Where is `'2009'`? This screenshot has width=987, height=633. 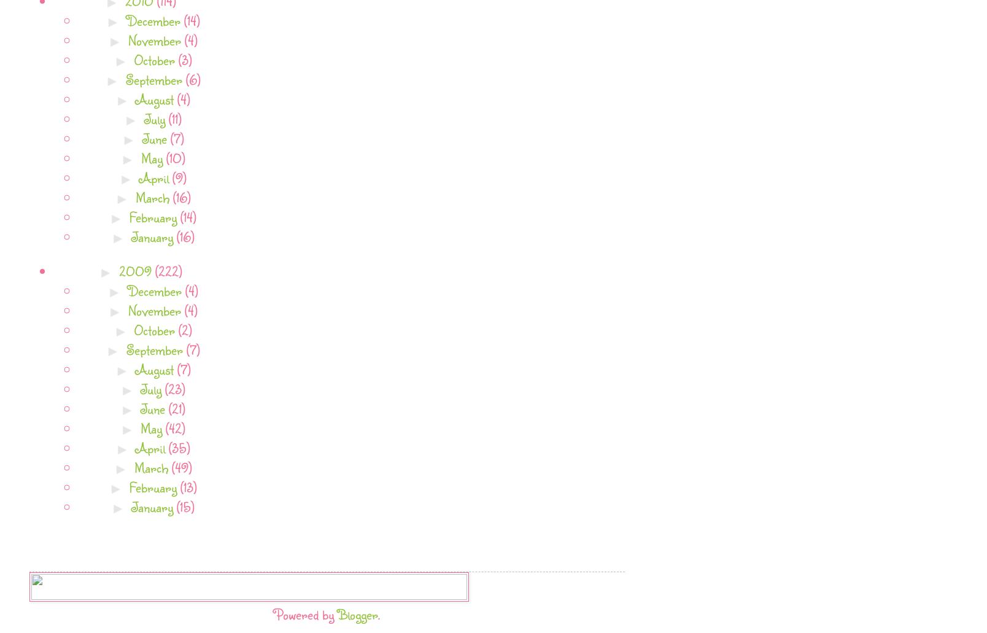 '2009' is located at coordinates (118, 270).